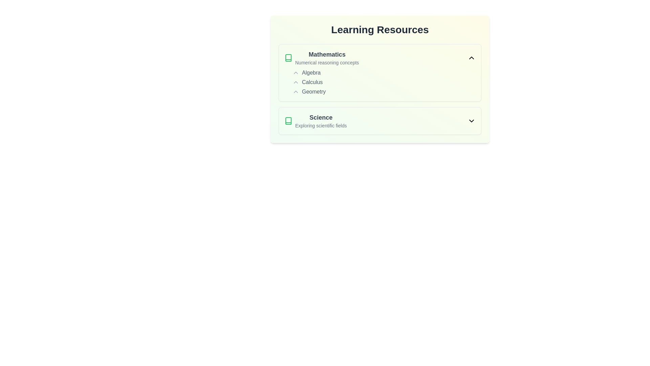  What do you see at coordinates (321, 54) in the screenshot?
I see `the text description of 'Mathematics'` at bounding box center [321, 54].